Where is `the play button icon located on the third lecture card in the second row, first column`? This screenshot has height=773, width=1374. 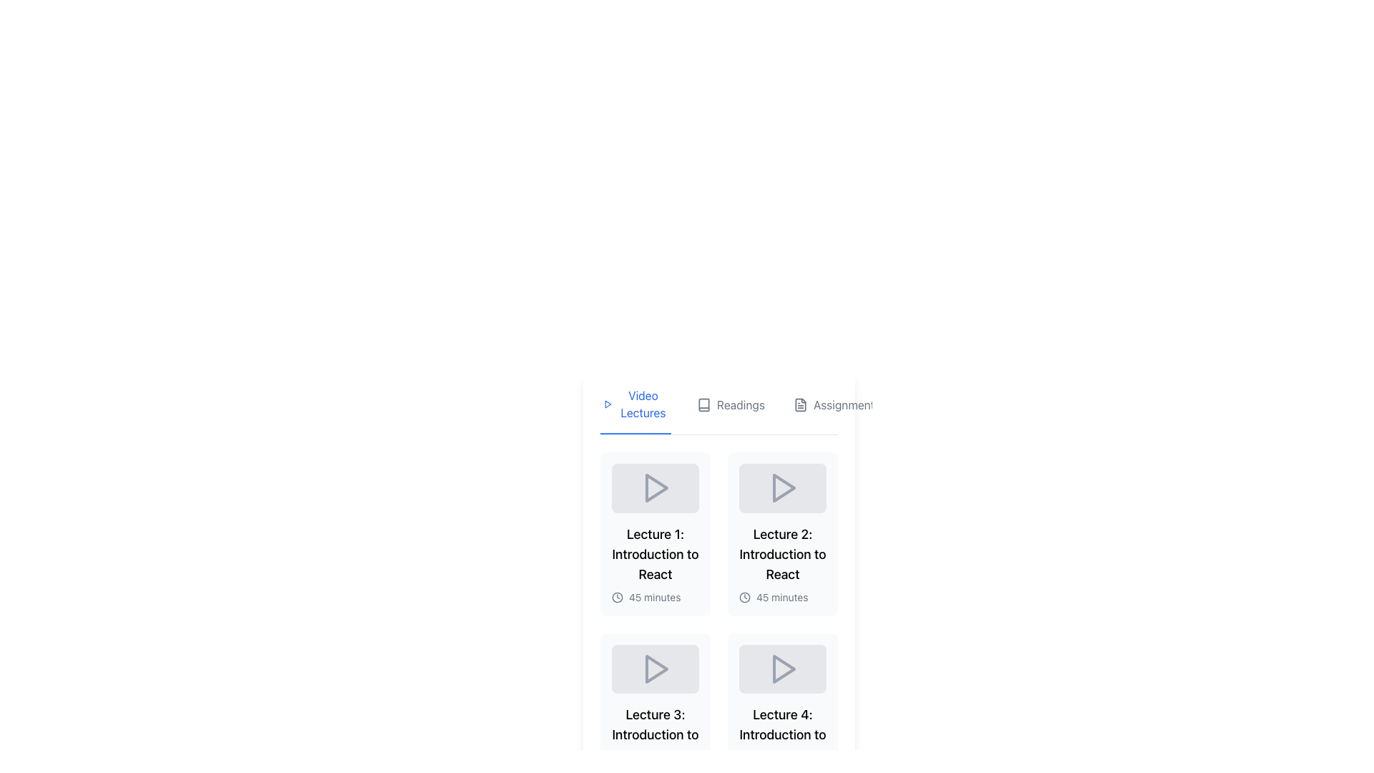
the play button icon located on the third lecture card in the second row, first column is located at coordinates (656, 668).